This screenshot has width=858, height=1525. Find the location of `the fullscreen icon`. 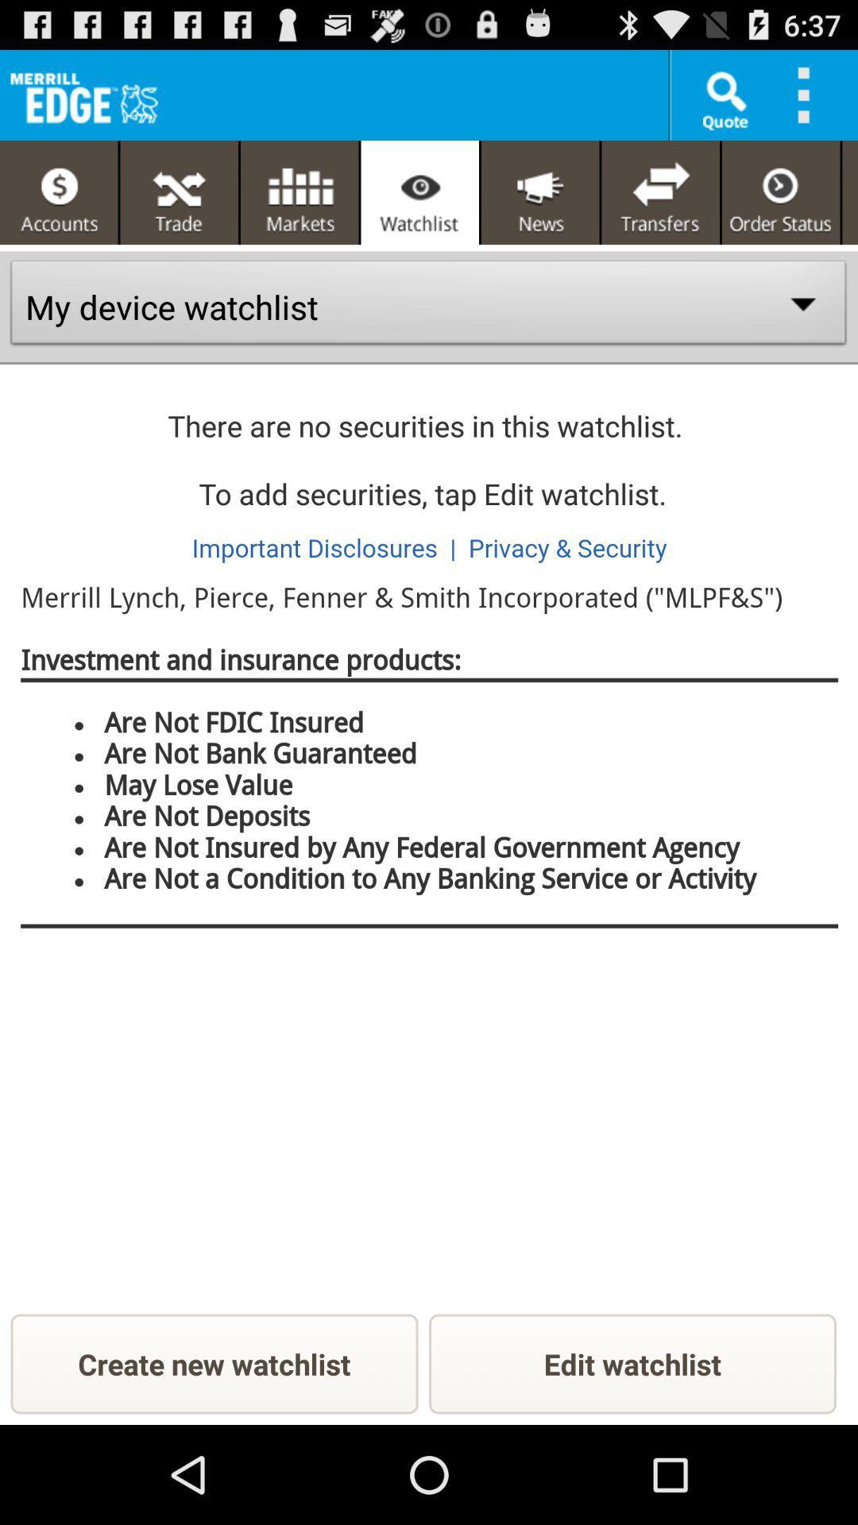

the fullscreen icon is located at coordinates (179, 205).